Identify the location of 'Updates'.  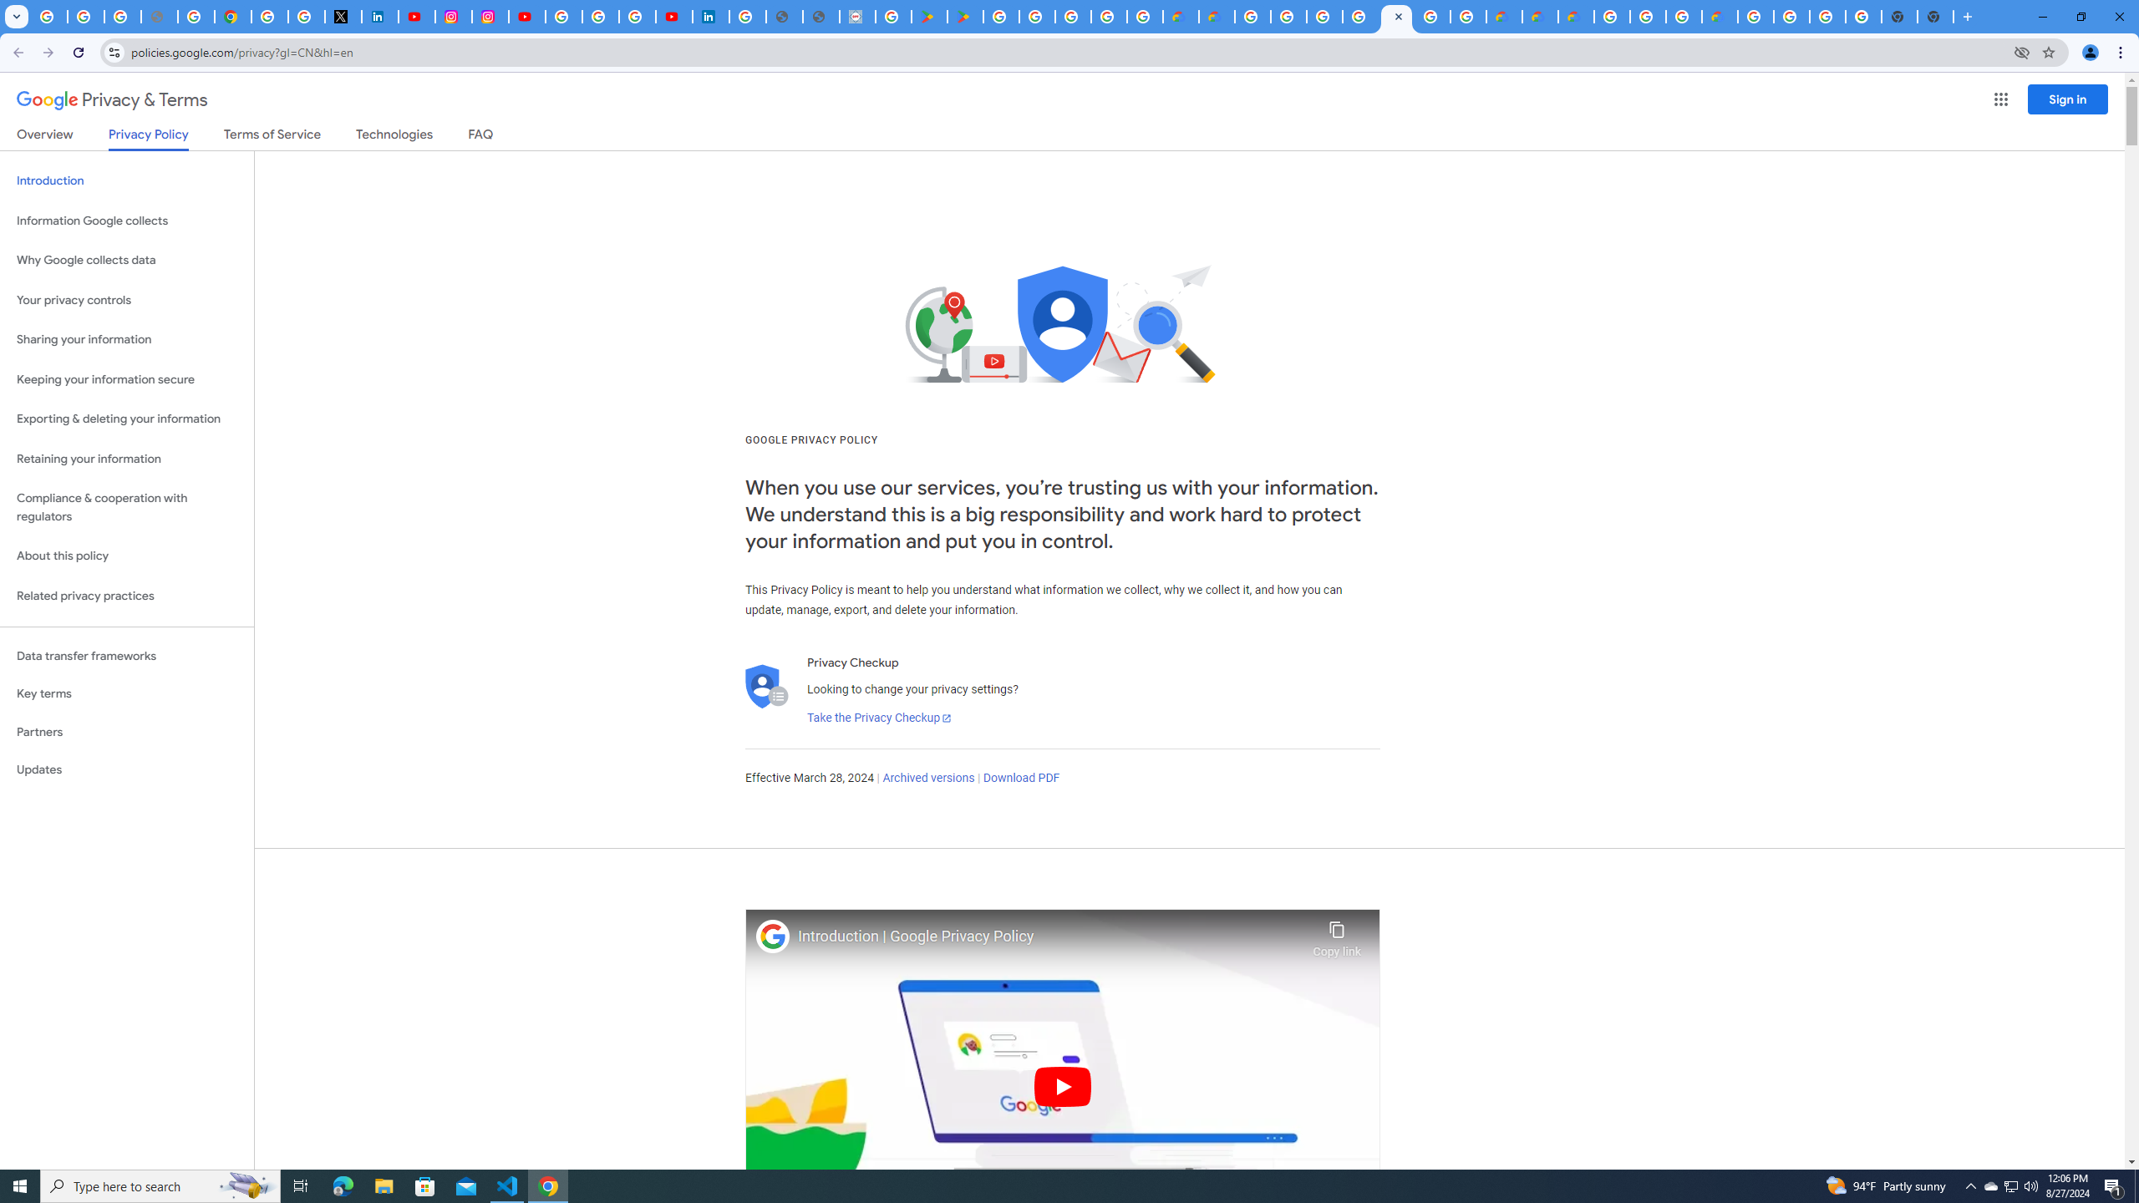
(126, 769).